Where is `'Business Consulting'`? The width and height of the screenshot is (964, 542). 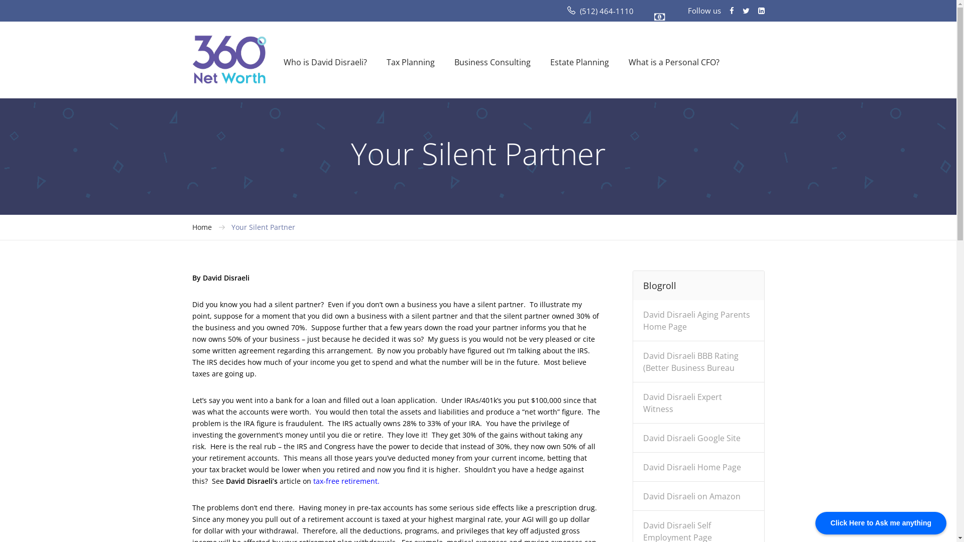
'Business Consulting' is located at coordinates (492, 62).